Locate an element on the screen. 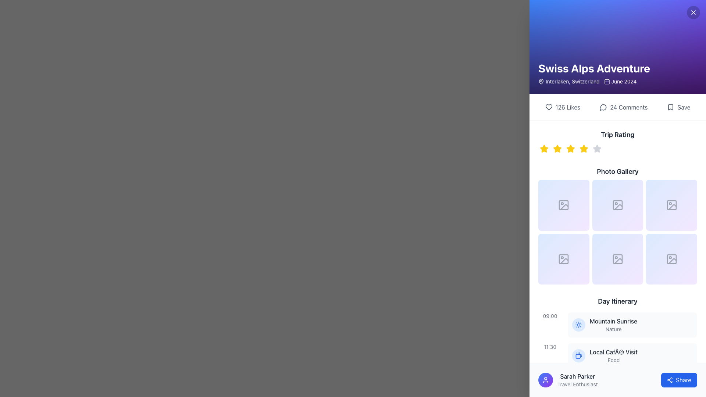  the icon representing a placeholder within the grid layout of the 'Photo Gallery' is located at coordinates (617, 259).